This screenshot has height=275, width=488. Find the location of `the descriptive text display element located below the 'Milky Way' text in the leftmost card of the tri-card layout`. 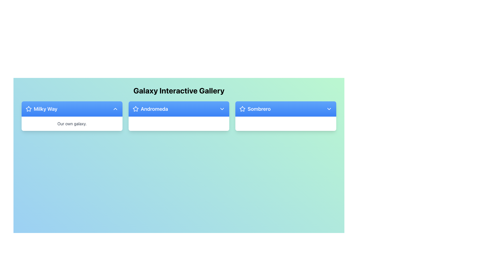

the descriptive text display element located below the 'Milky Way' text in the leftmost card of the tri-card layout is located at coordinates (72, 124).